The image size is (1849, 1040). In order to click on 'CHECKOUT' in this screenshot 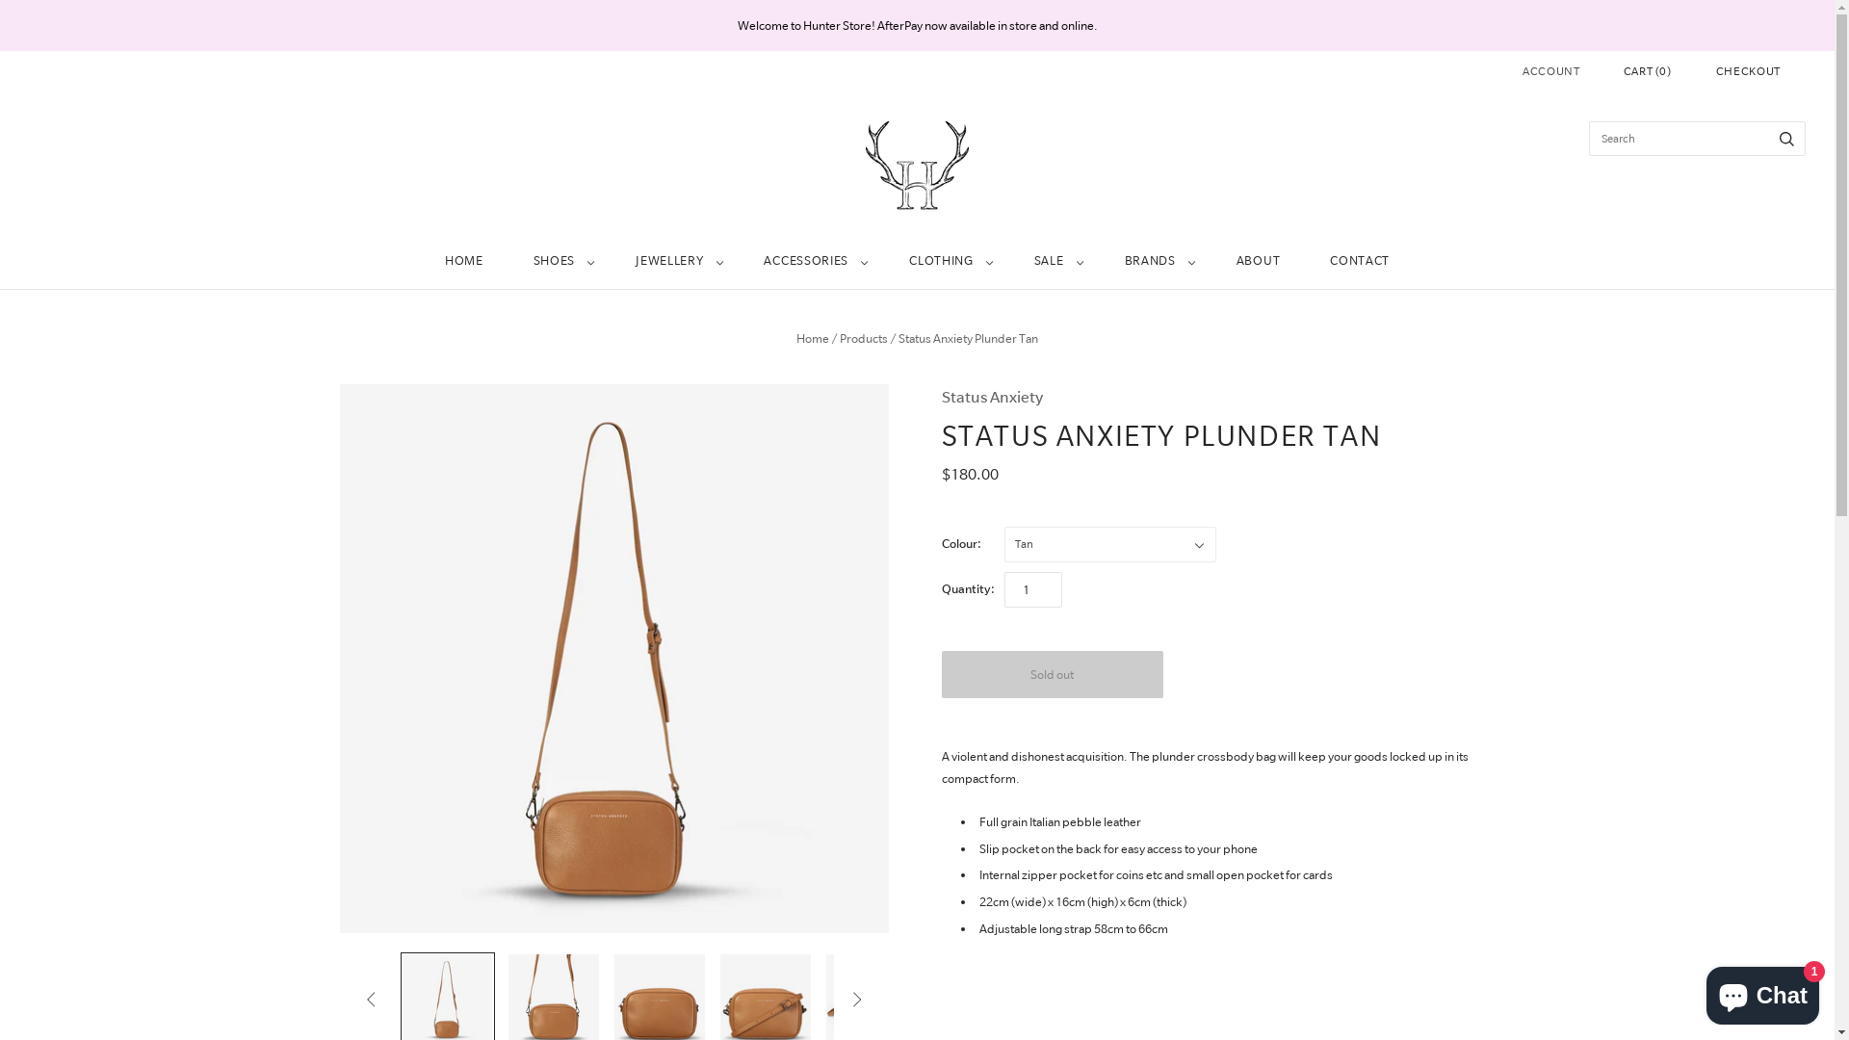, I will do `click(1748, 70)`.